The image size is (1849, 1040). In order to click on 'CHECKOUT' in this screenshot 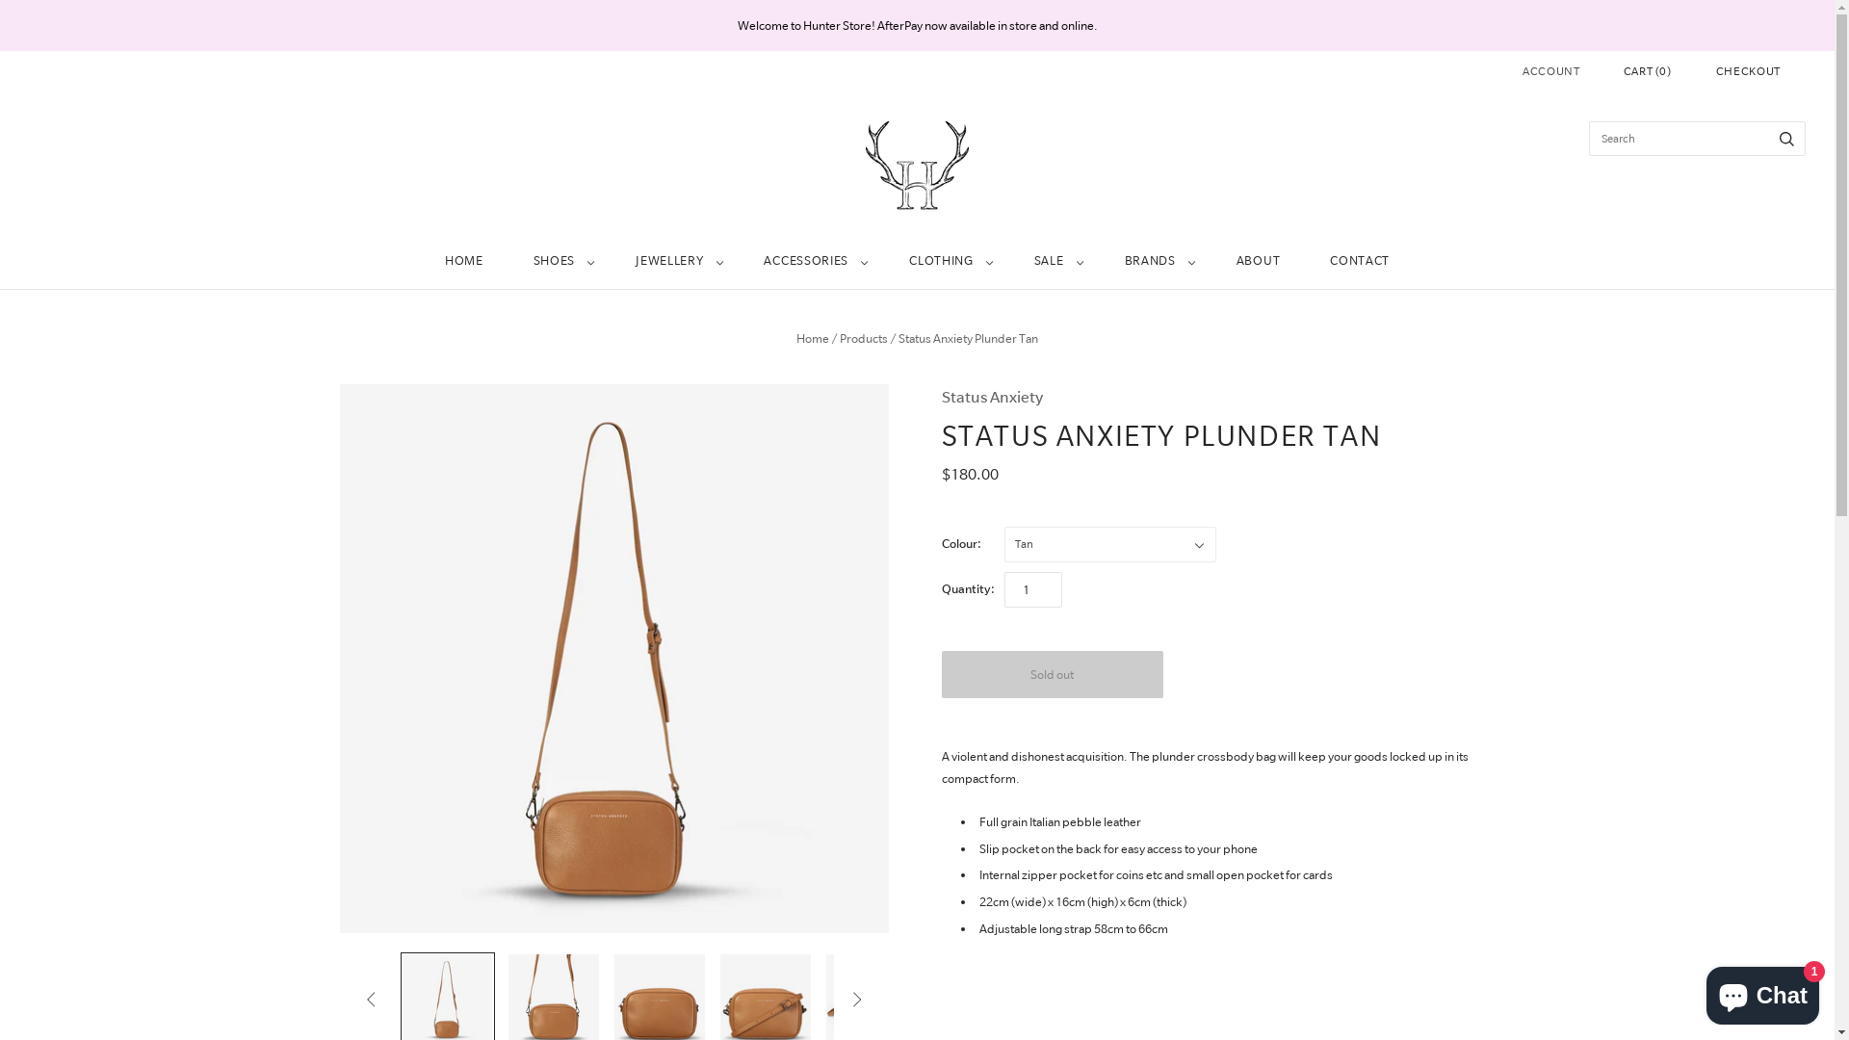, I will do `click(1748, 70)`.